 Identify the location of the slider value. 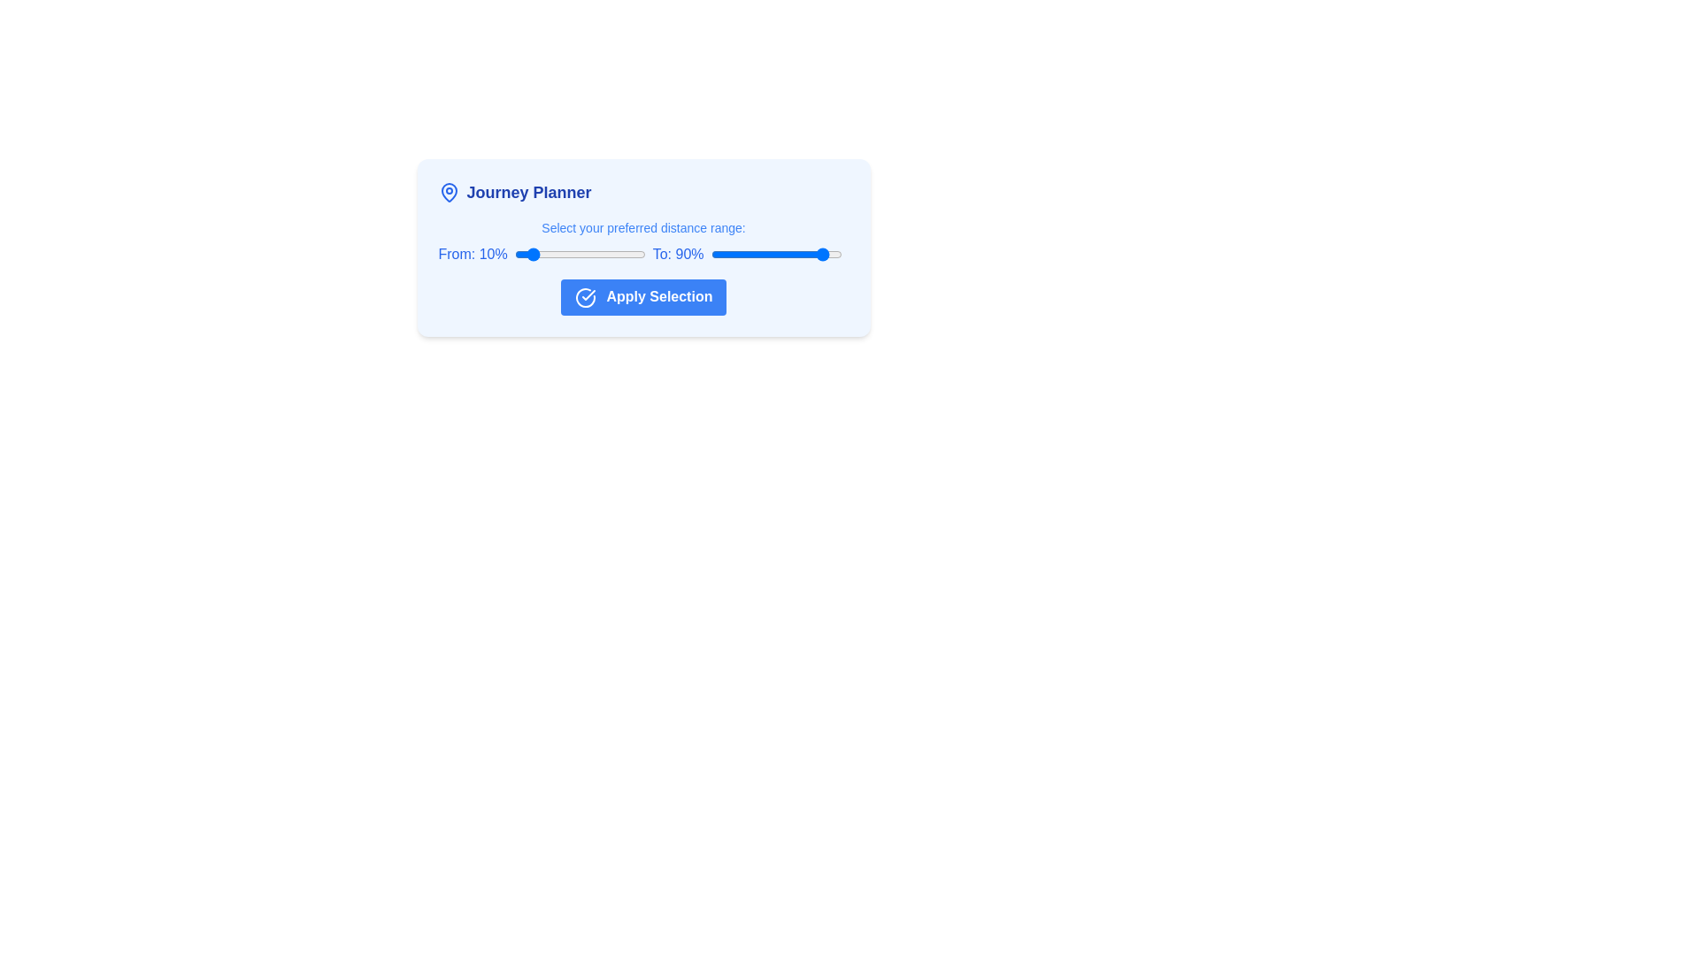
(765, 255).